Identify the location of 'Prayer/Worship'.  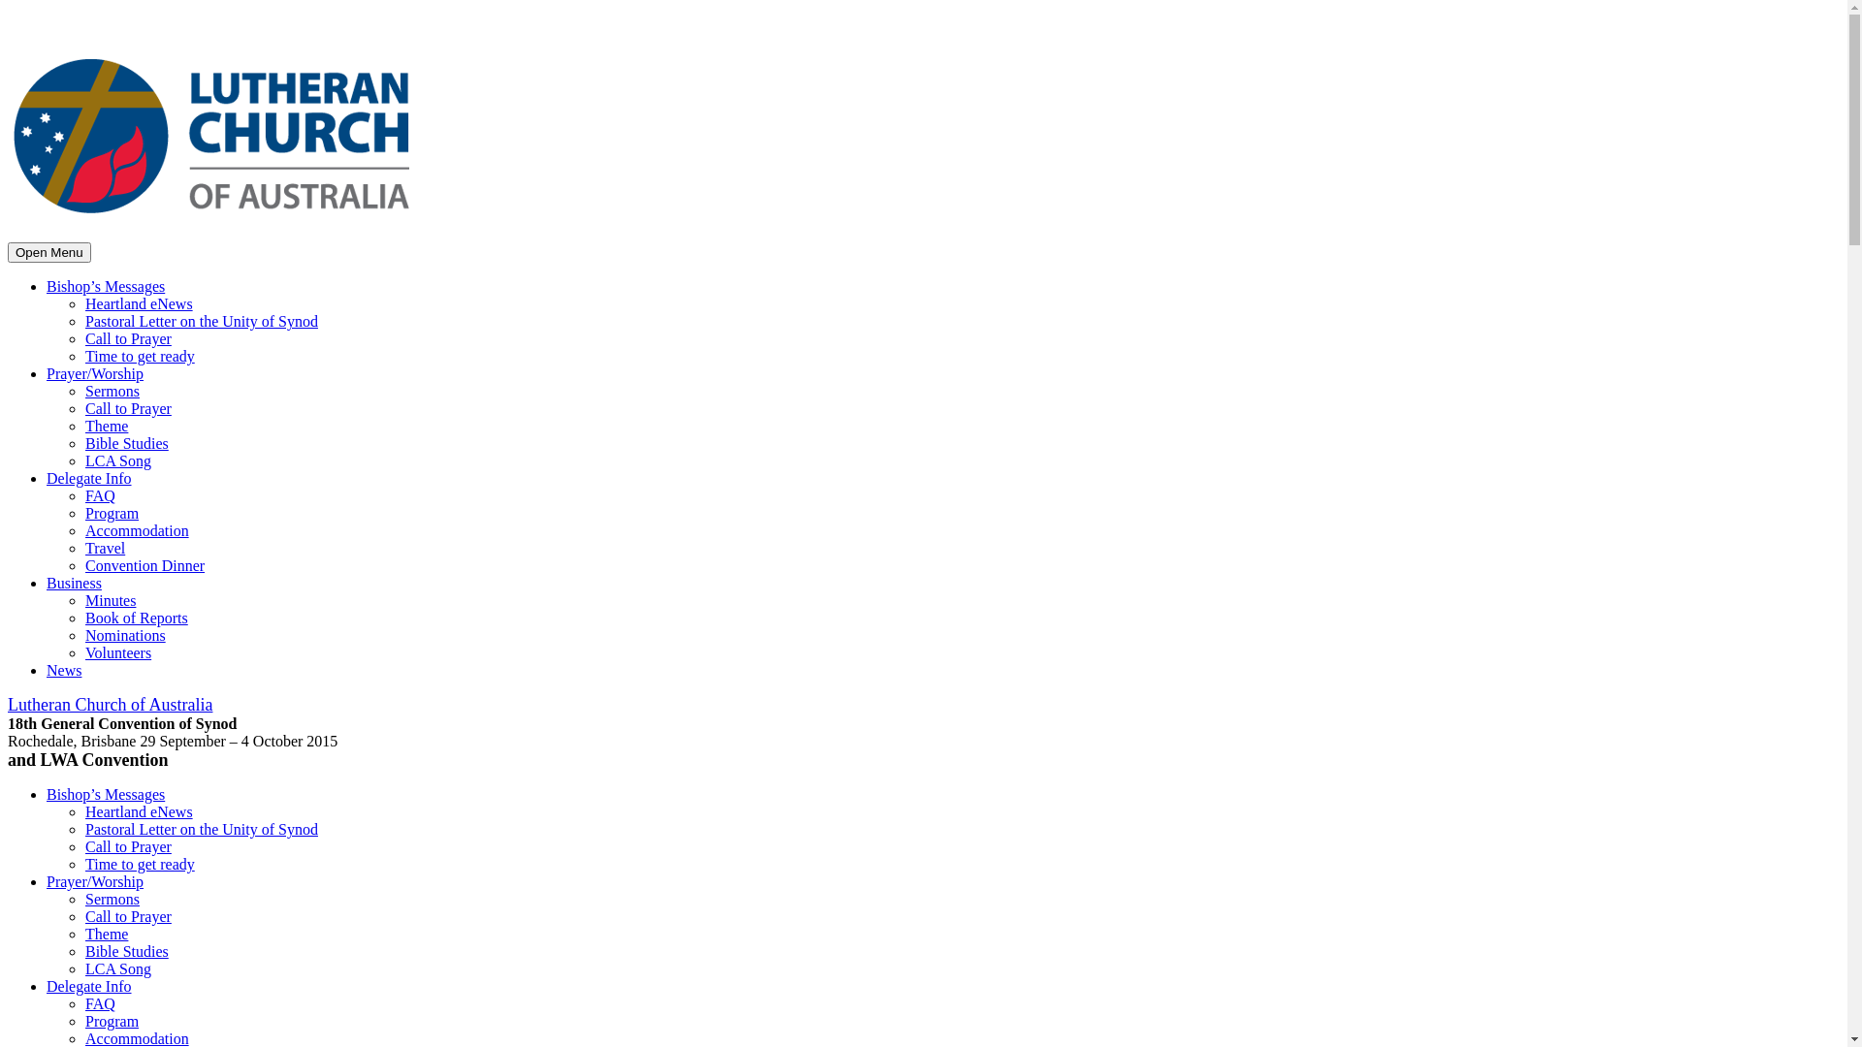
(93, 881).